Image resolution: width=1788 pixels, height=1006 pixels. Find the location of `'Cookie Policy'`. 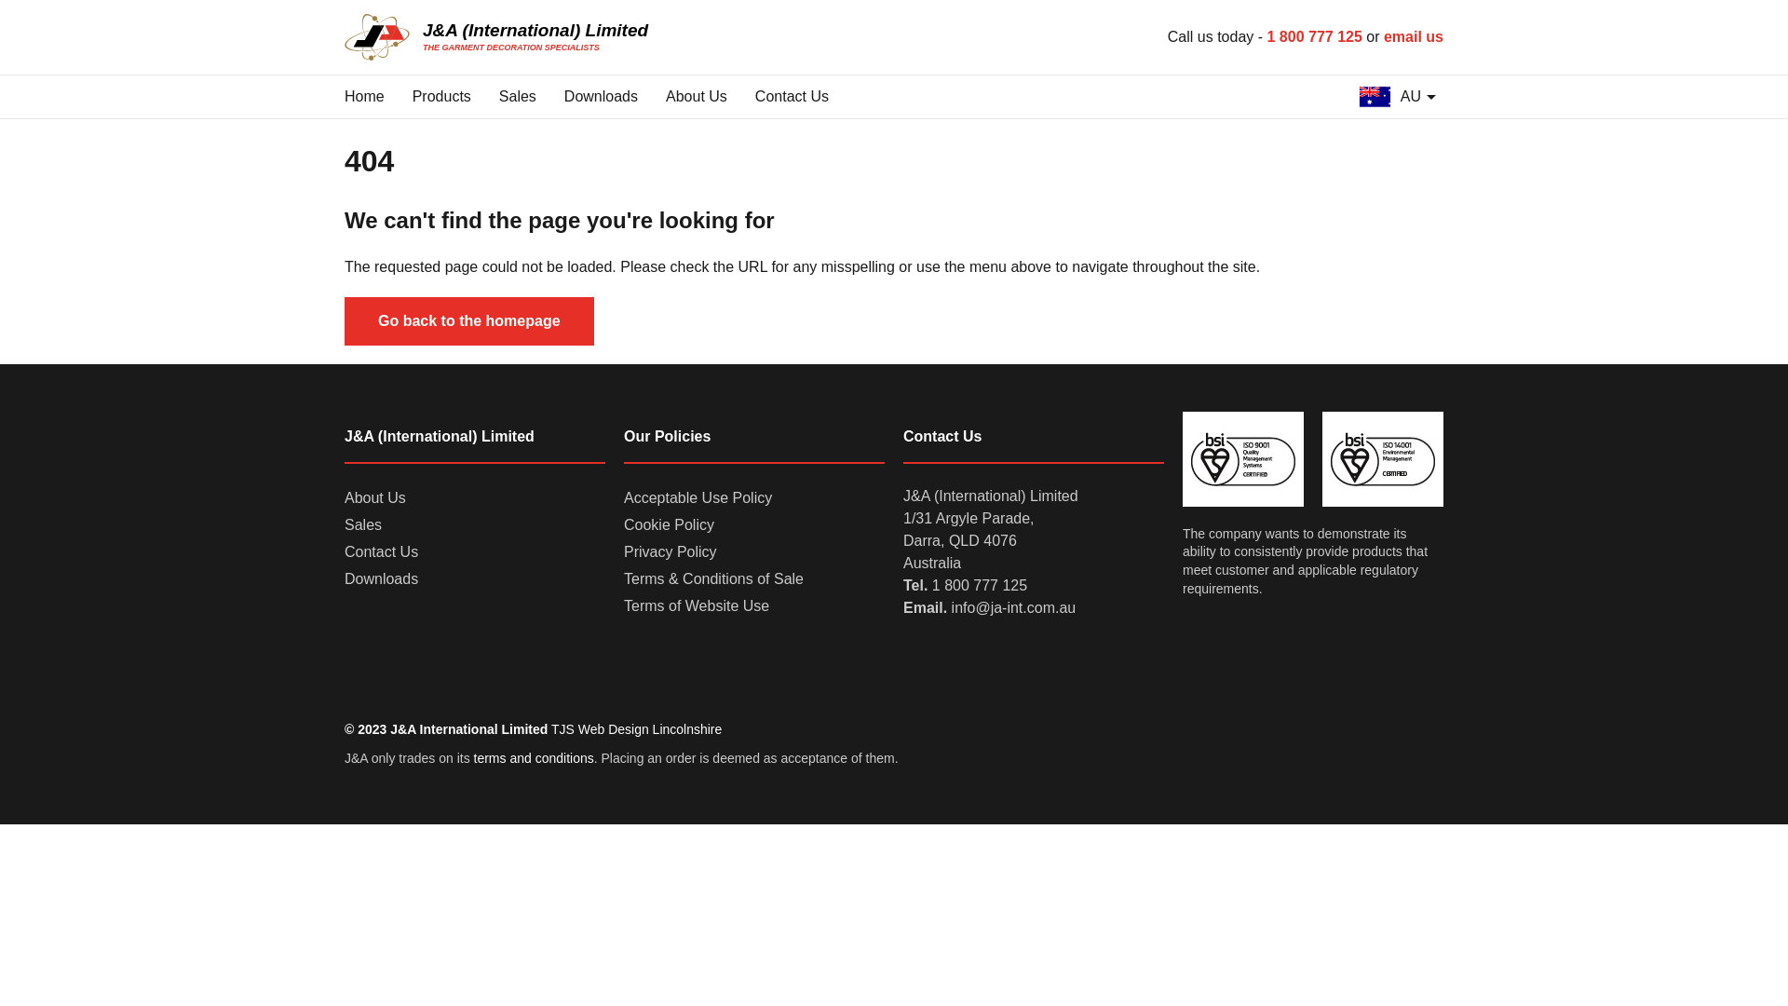

'Cookie Policy' is located at coordinates (669, 525).